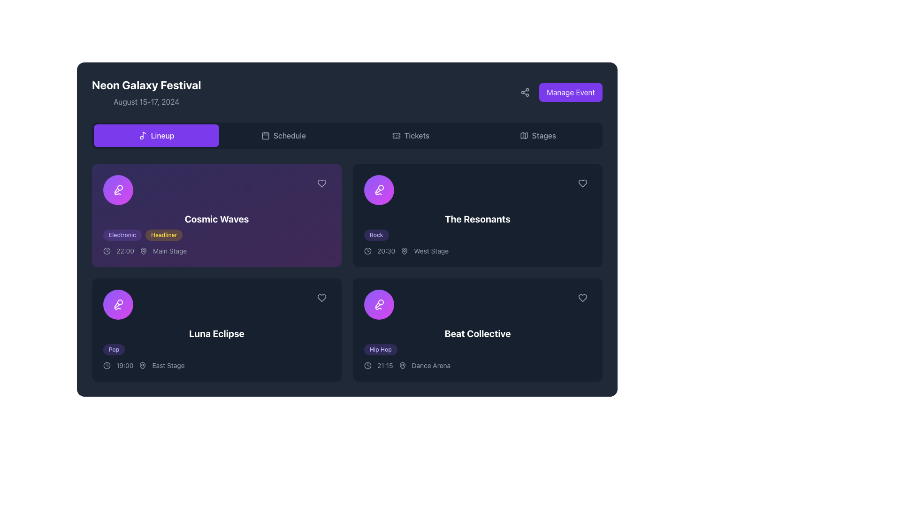  What do you see at coordinates (523, 136) in the screenshot?
I see `the small dark gray map icon located in the 'Stages' menu tab to interact with the 'Stages' section` at bounding box center [523, 136].